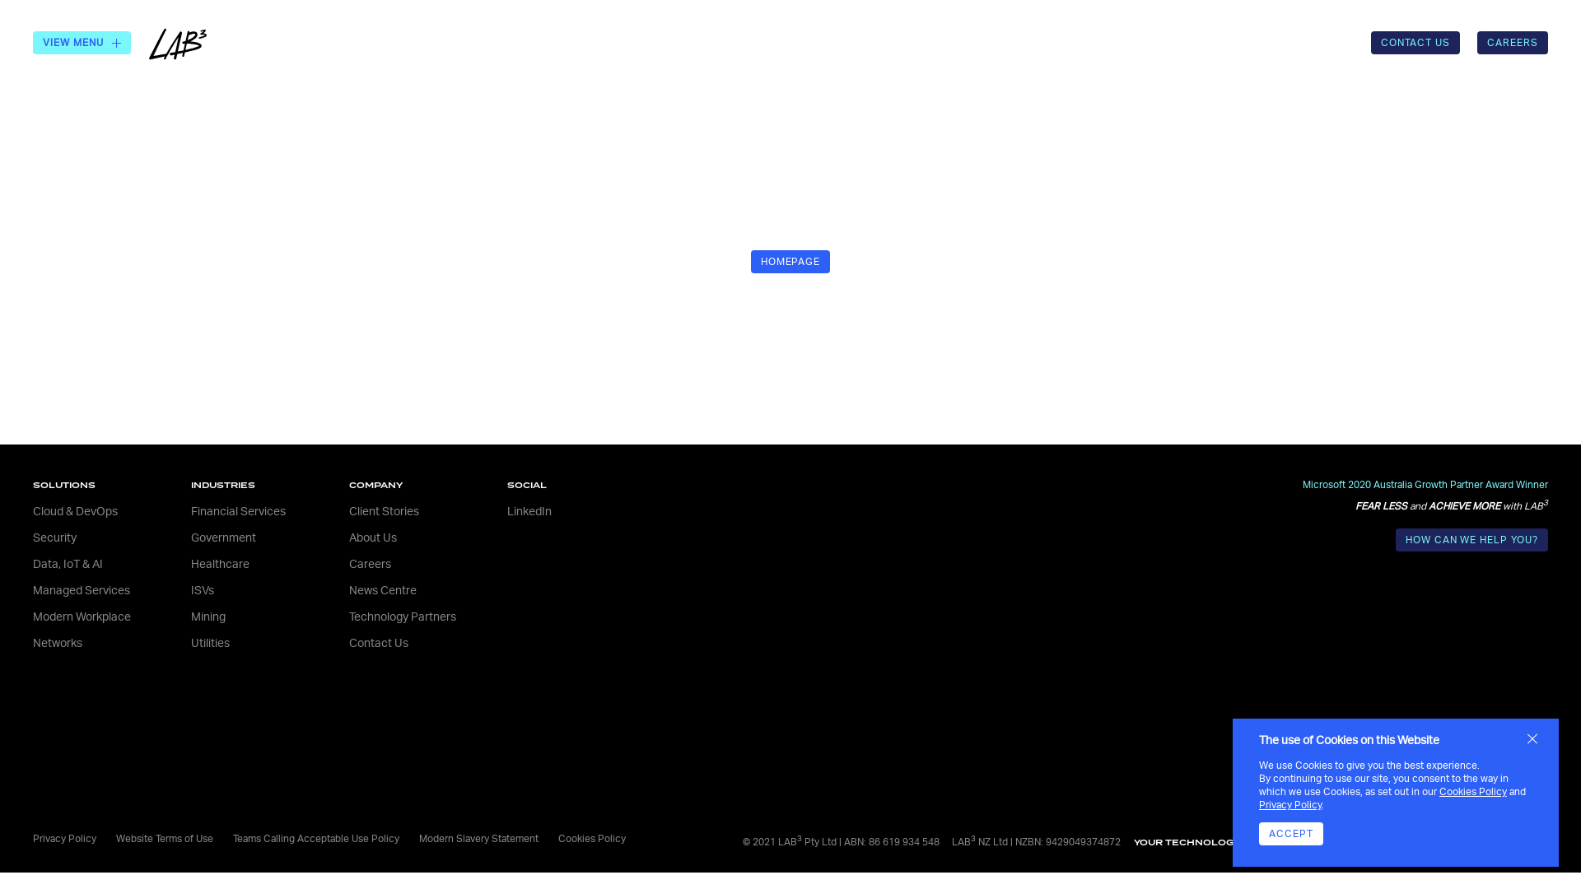 The height and width of the screenshot is (889, 1581). What do you see at coordinates (403, 617) in the screenshot?
I see `'Technology Partners'` at bounding box center [403, 617].